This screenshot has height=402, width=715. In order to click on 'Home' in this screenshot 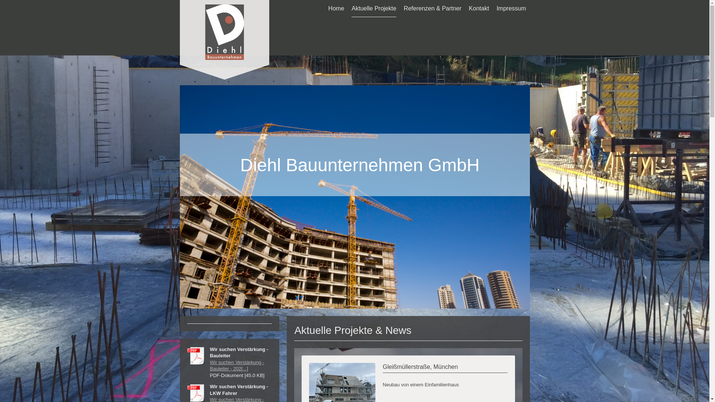, I will do `click(336, 9)`.